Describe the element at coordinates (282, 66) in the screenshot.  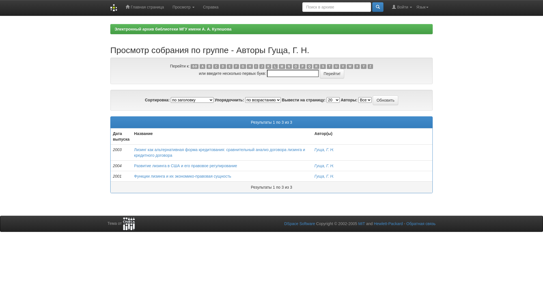
I see `'M'` at that location.